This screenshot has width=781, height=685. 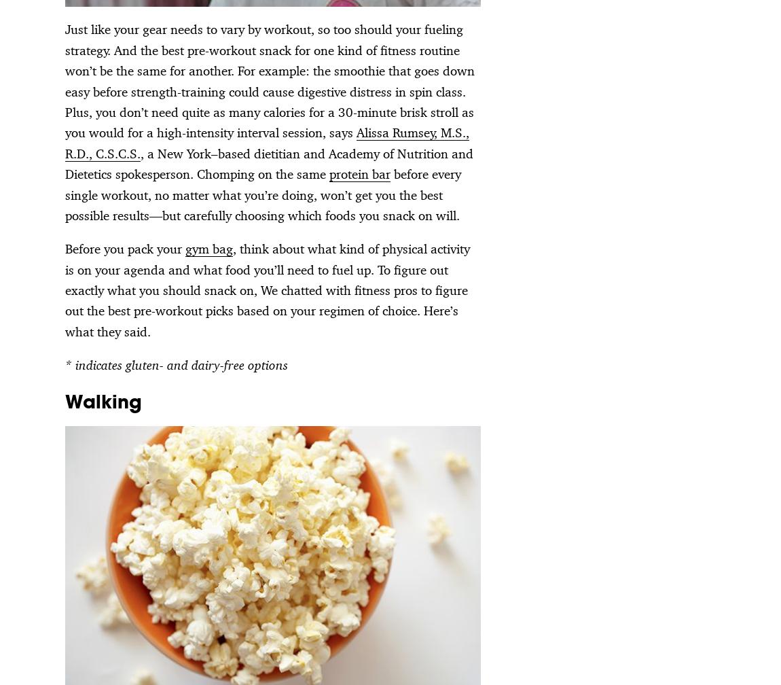 What do you see at coordinates (656, 172) in the screenshot?
I see `'The 10 Best Arm Stretches to Add to Your Workout'` at bounding box center [656, 172].